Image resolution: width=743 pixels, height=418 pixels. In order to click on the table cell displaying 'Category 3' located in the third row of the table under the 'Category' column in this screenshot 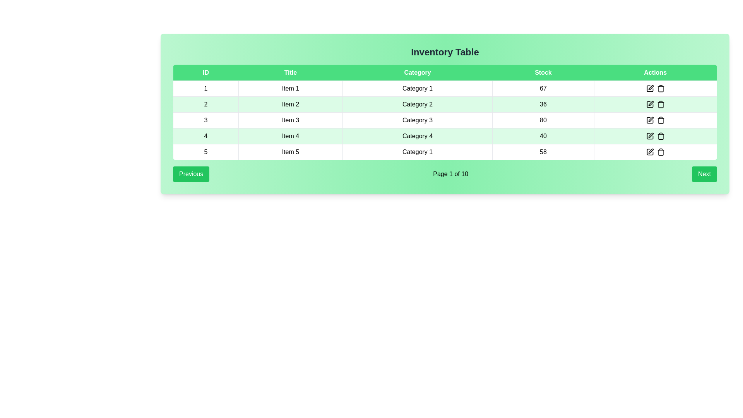, I will do `click(417, 120)`.